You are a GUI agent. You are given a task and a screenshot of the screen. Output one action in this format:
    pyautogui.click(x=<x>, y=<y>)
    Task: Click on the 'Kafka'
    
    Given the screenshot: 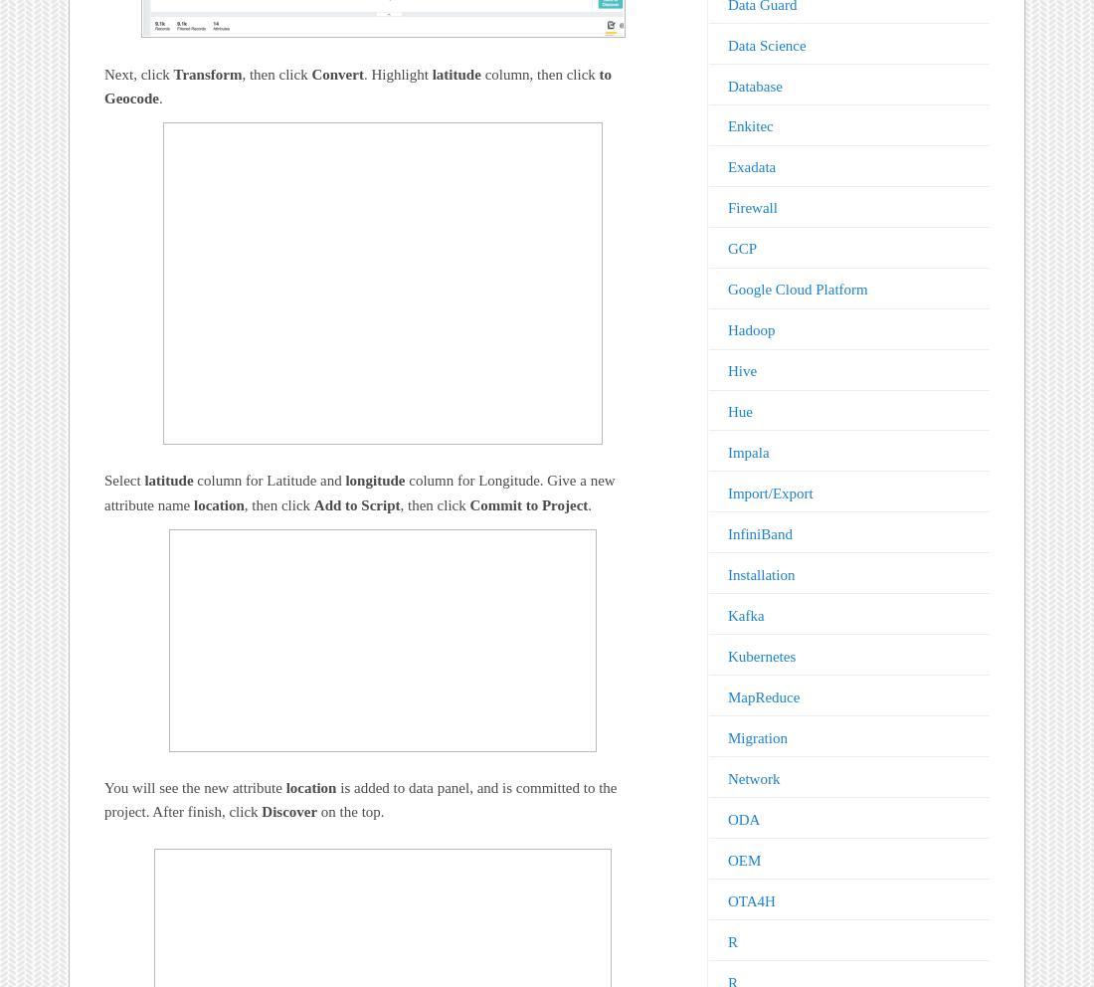 What is the action you would take?
    pyautogui.click(x=744, y=615)
    